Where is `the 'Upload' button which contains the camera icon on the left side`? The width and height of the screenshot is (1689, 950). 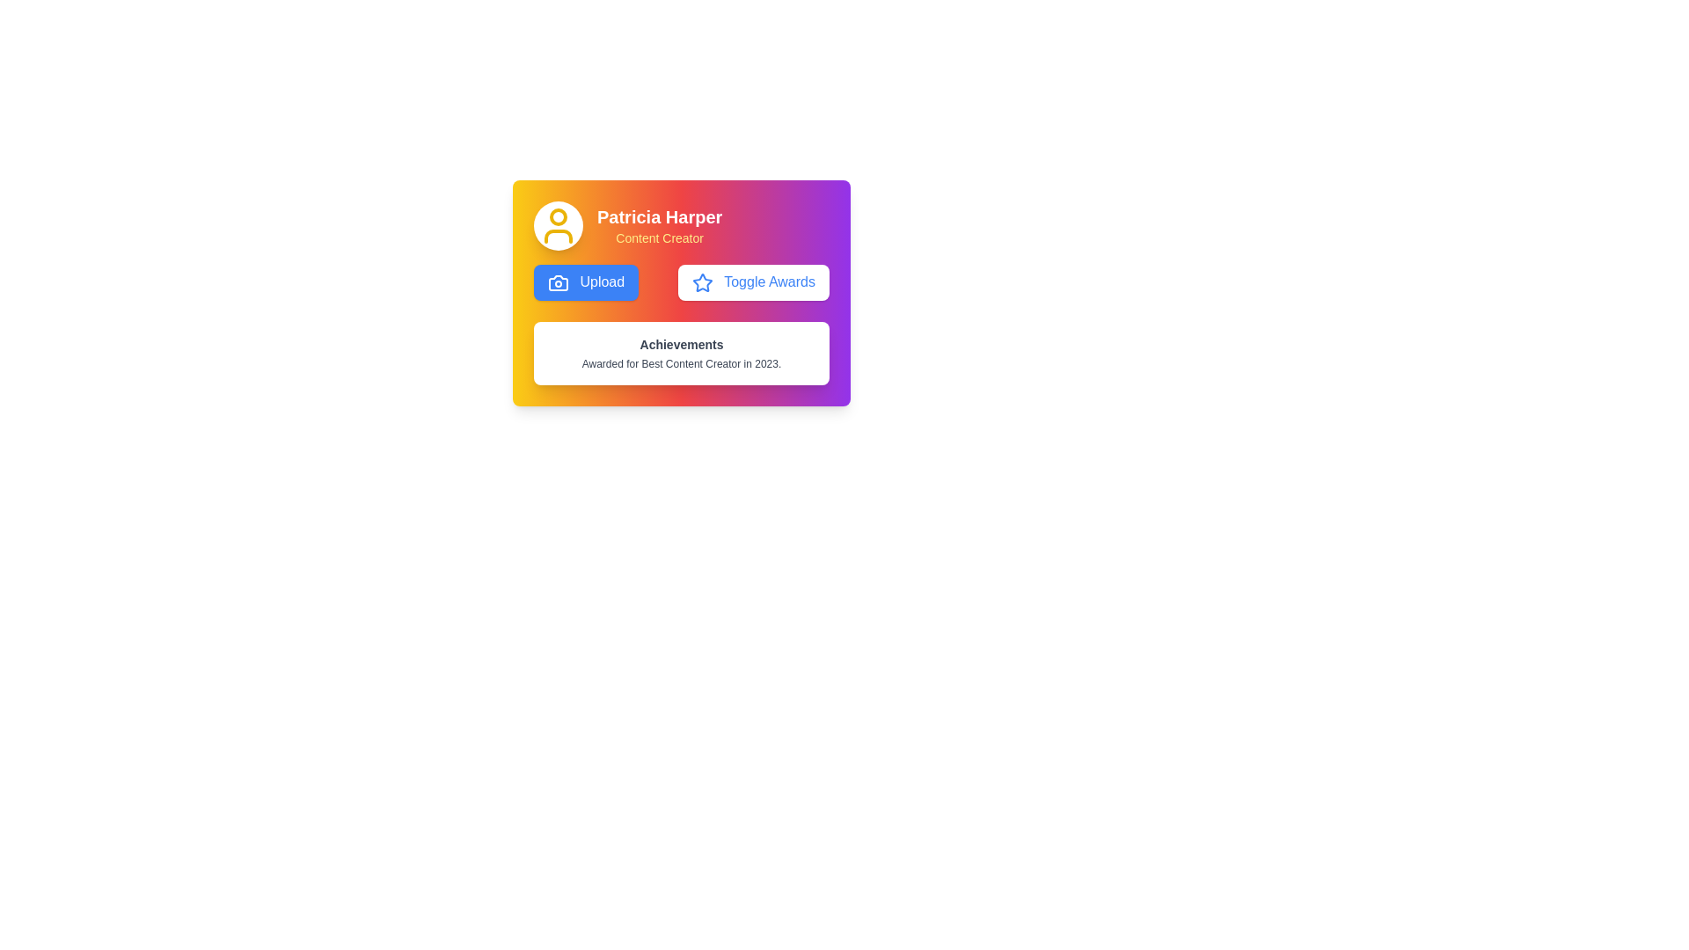 the 'Upload' button which contains the camera icon on the left side is located at coordinates (557, 281).